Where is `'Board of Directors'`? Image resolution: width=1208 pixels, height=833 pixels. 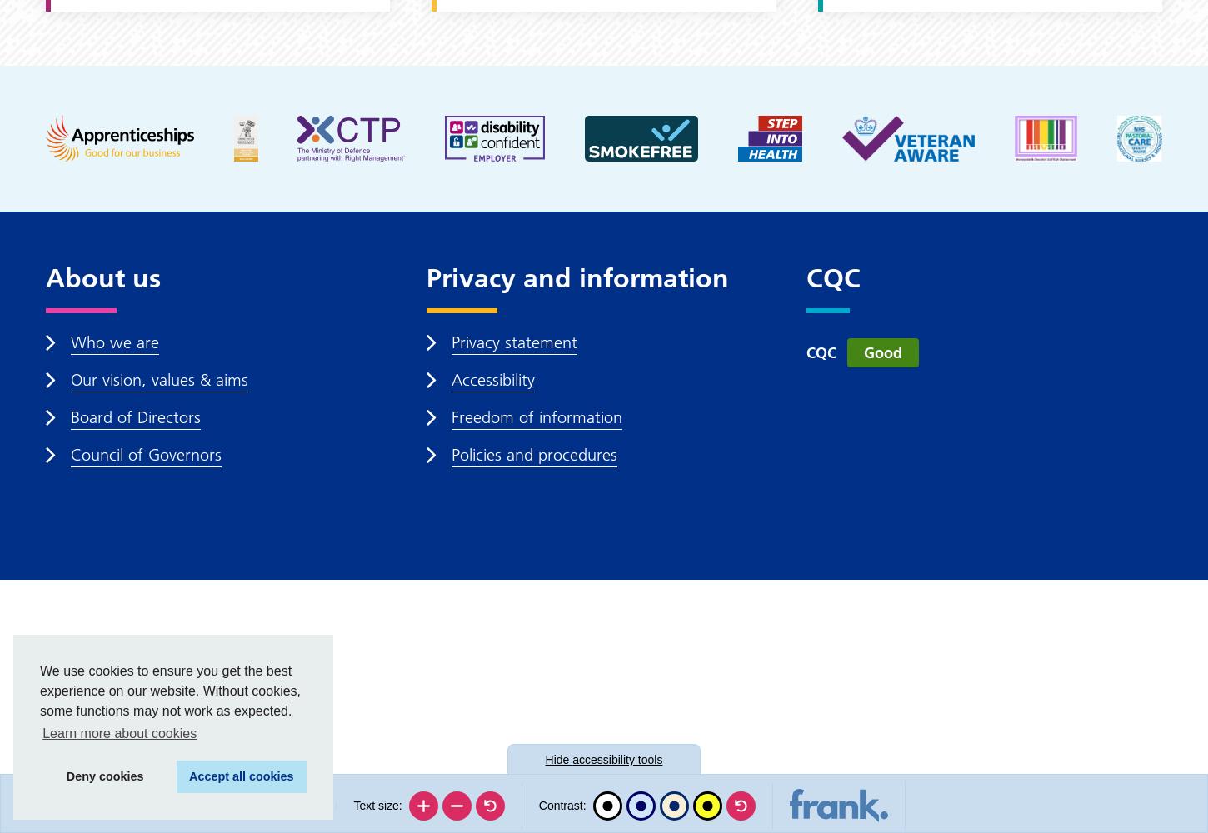 'Board of Directors' is located at coordinates (134, 417).